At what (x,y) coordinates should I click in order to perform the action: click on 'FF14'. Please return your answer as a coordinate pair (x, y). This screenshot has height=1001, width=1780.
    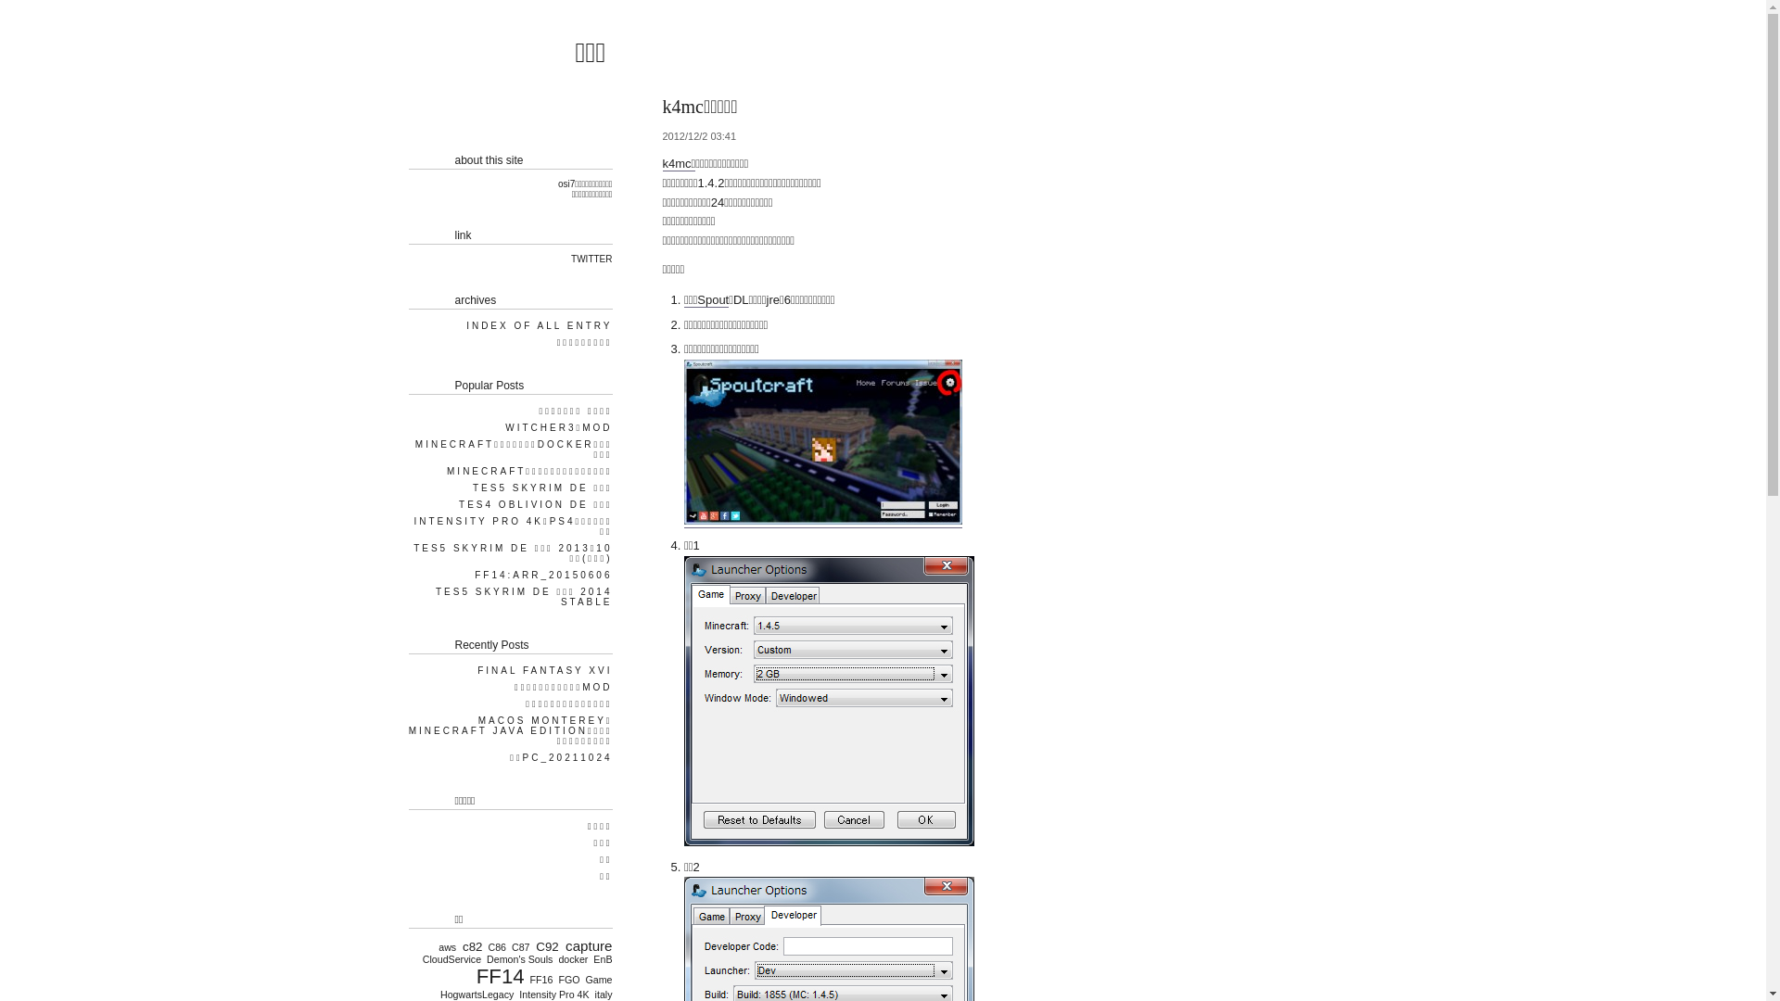
    Looking at the image, I should click on (497, 975).